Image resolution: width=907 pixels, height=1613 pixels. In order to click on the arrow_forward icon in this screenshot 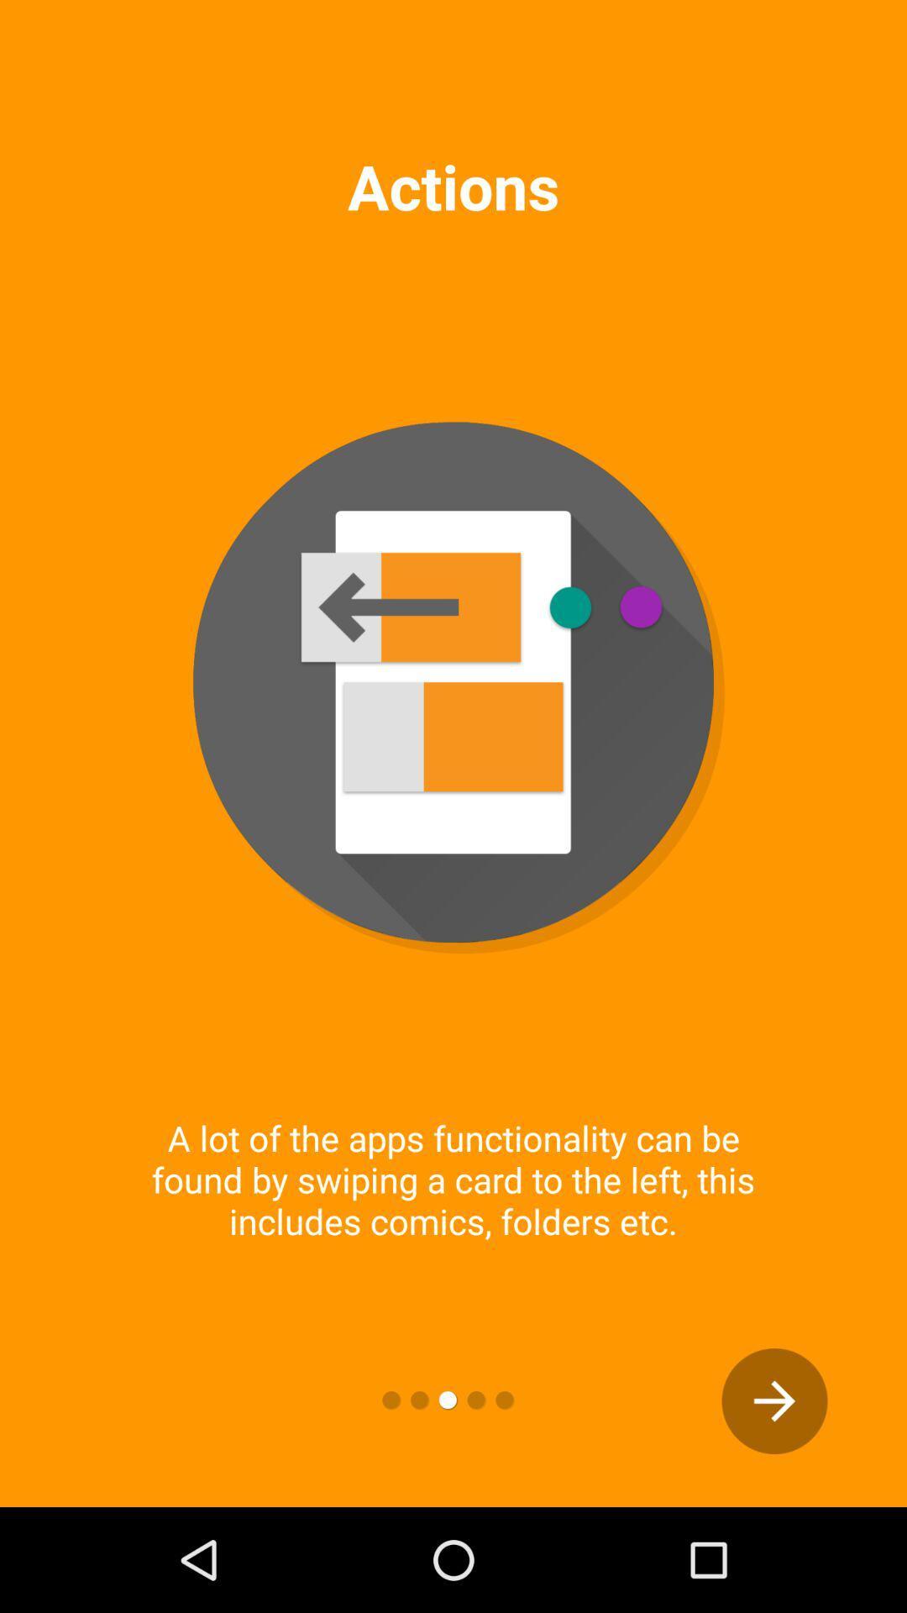, I will do `click(774, 1400)`.